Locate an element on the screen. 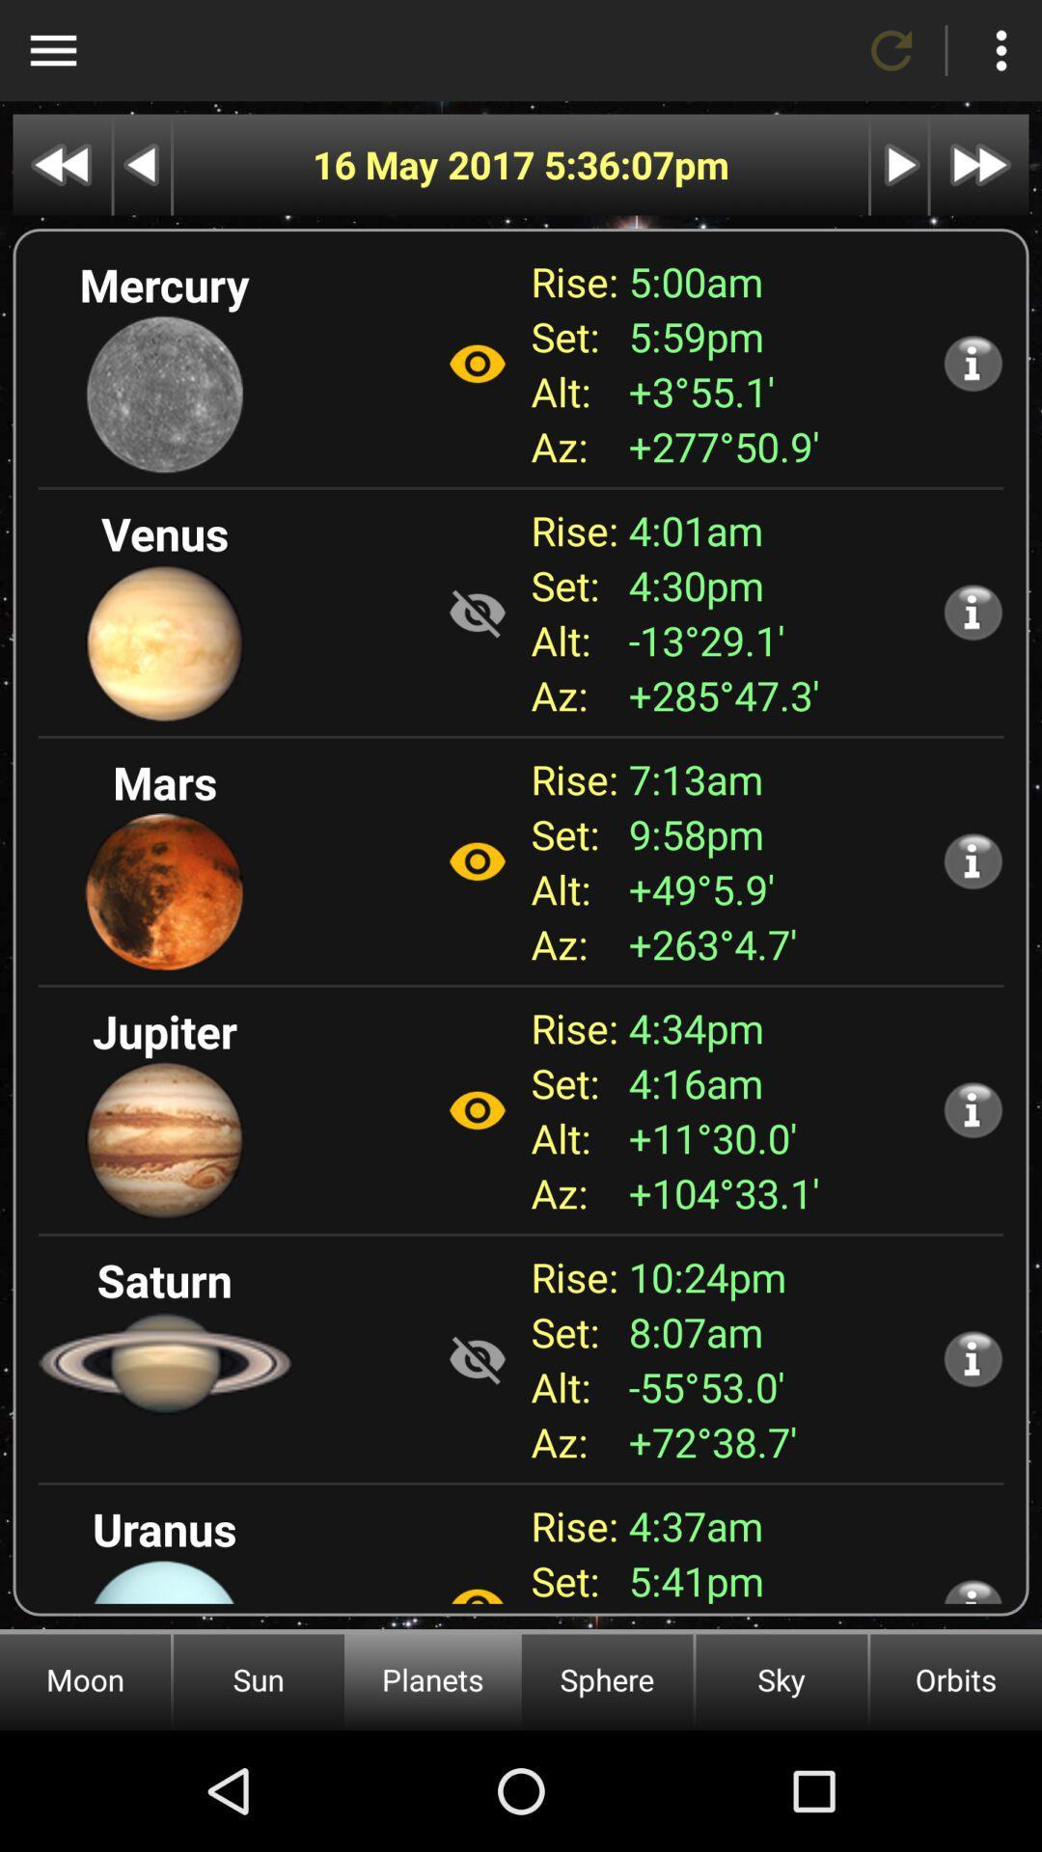 This screenshot has width=1042, height=1852. show information is located at coordinates (973, 859).